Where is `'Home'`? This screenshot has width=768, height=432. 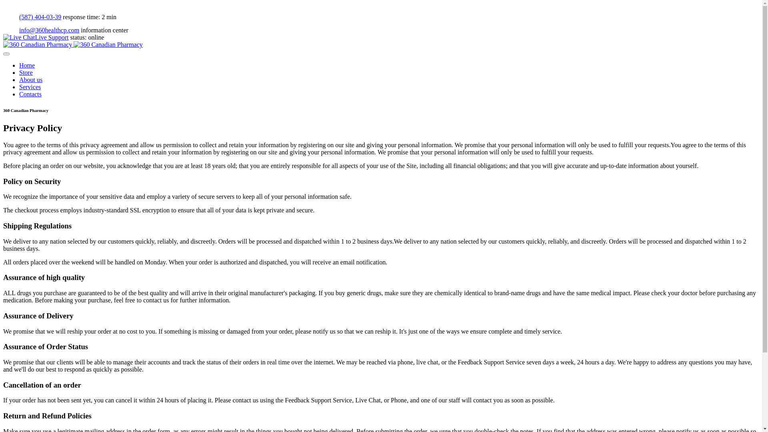
'Home' is located at coordinates (19, 65).